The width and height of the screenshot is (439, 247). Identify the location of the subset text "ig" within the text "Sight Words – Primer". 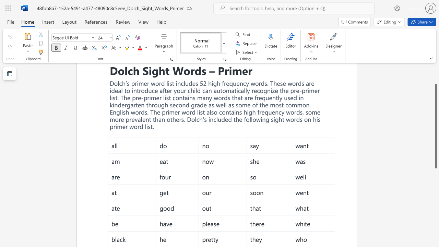
(148, 70).